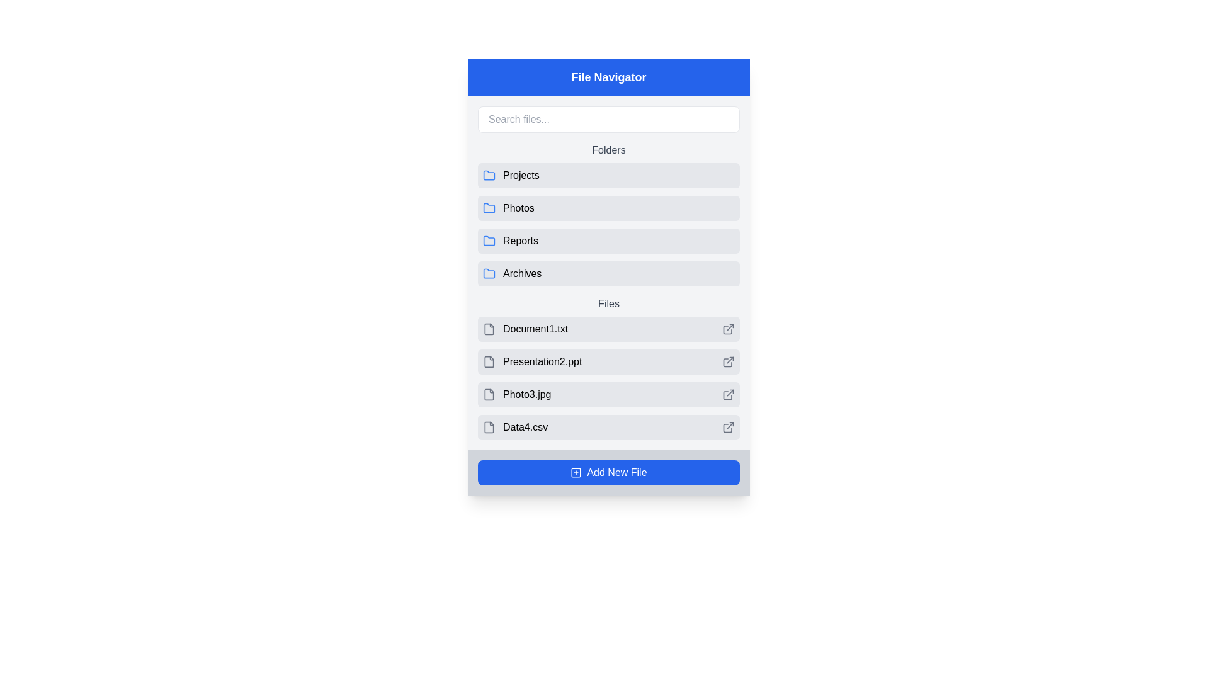  I want to click on the text label 'Presentation2.ppt' located, so click(542, 361).